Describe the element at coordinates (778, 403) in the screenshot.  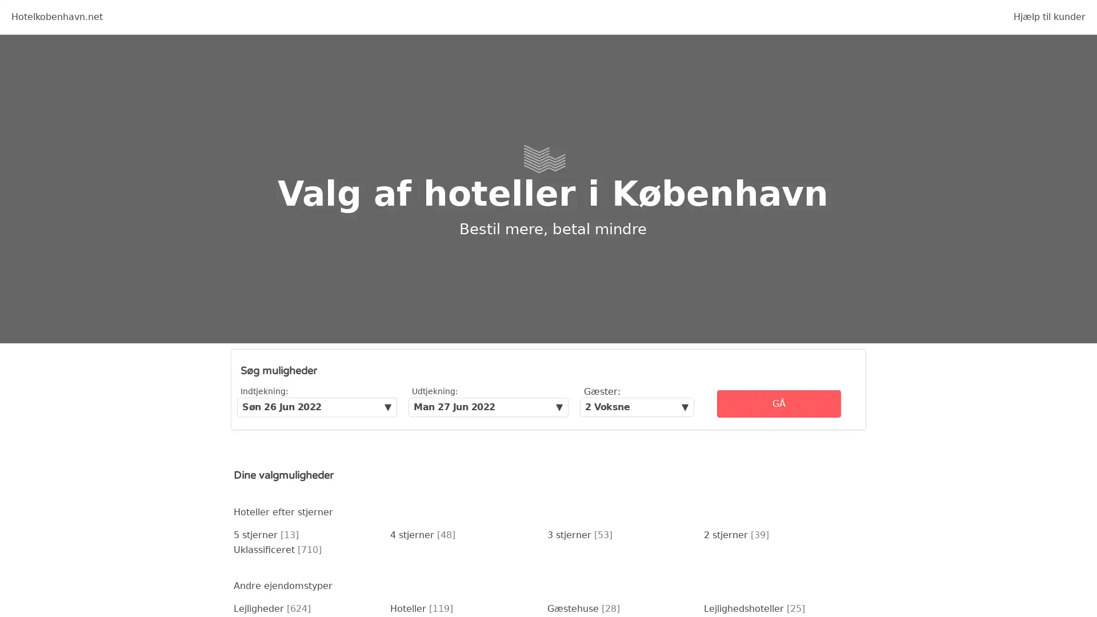
I see `GA` at that location.